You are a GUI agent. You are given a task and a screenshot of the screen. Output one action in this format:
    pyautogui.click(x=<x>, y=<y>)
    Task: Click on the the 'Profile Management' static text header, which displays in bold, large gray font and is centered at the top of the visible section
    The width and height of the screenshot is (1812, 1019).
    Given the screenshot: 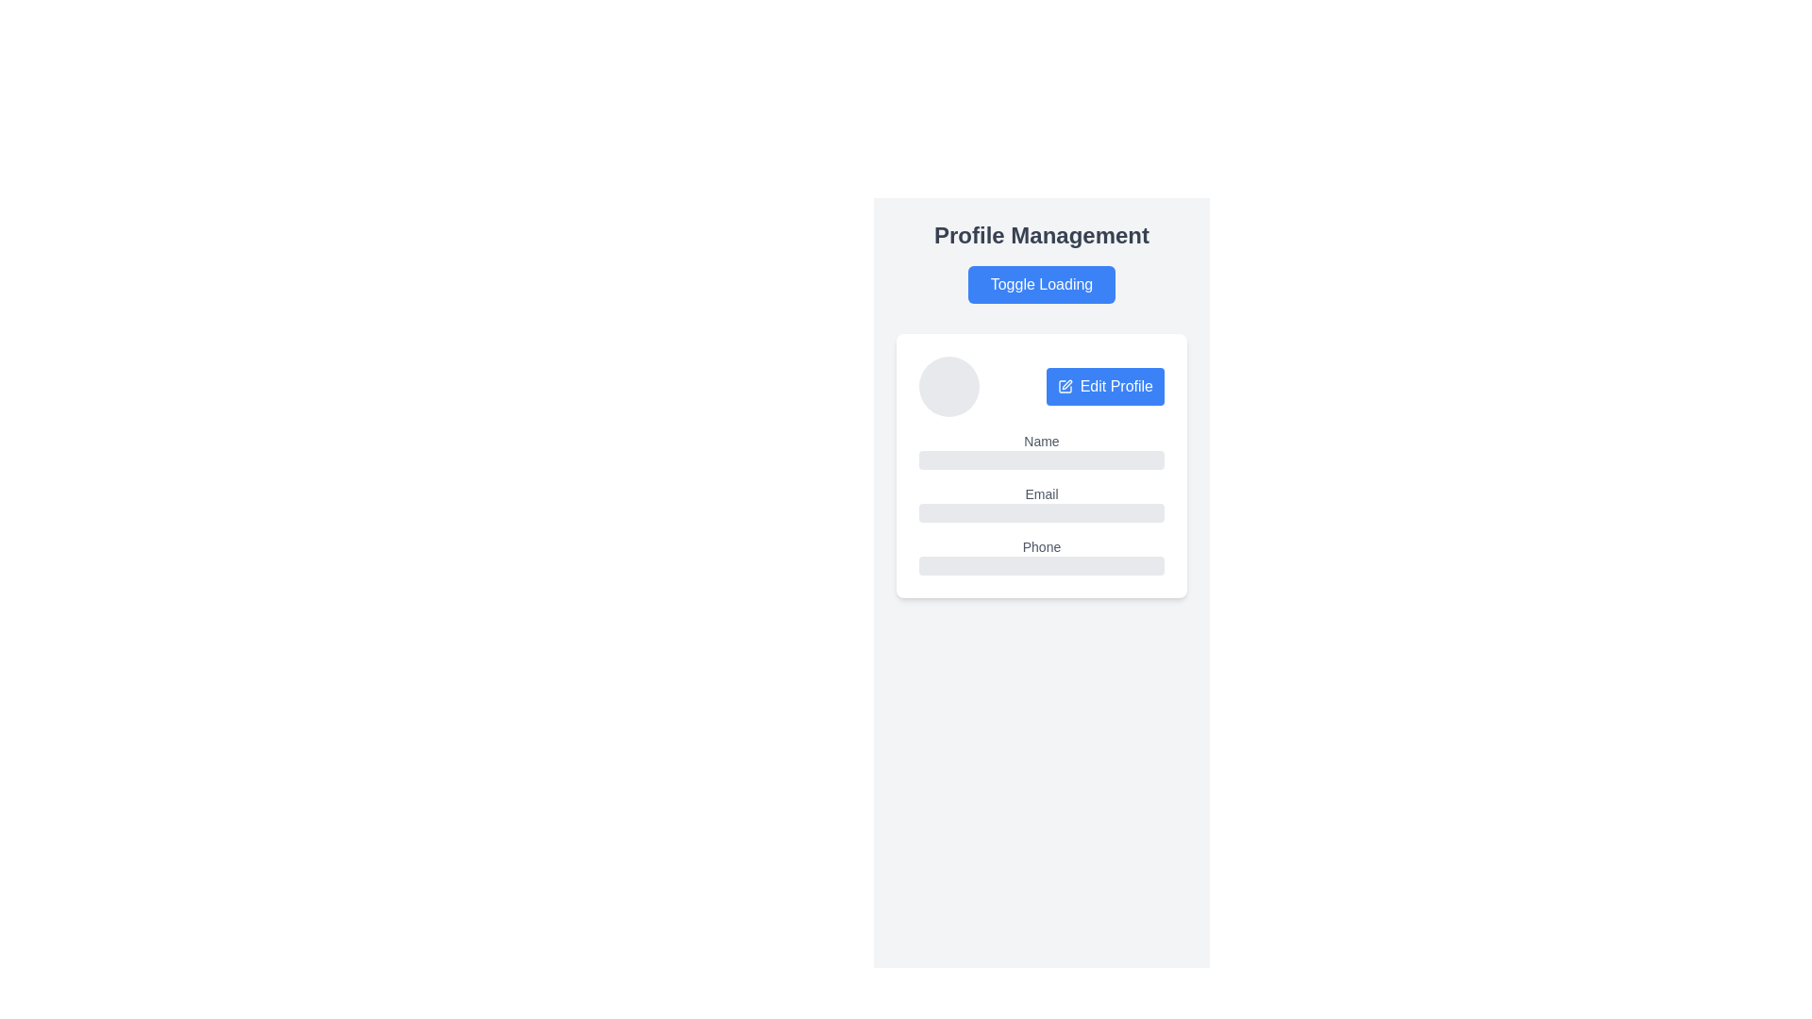 What is the action you would take?
    pyautogui.click(x=1041, y=235)
    